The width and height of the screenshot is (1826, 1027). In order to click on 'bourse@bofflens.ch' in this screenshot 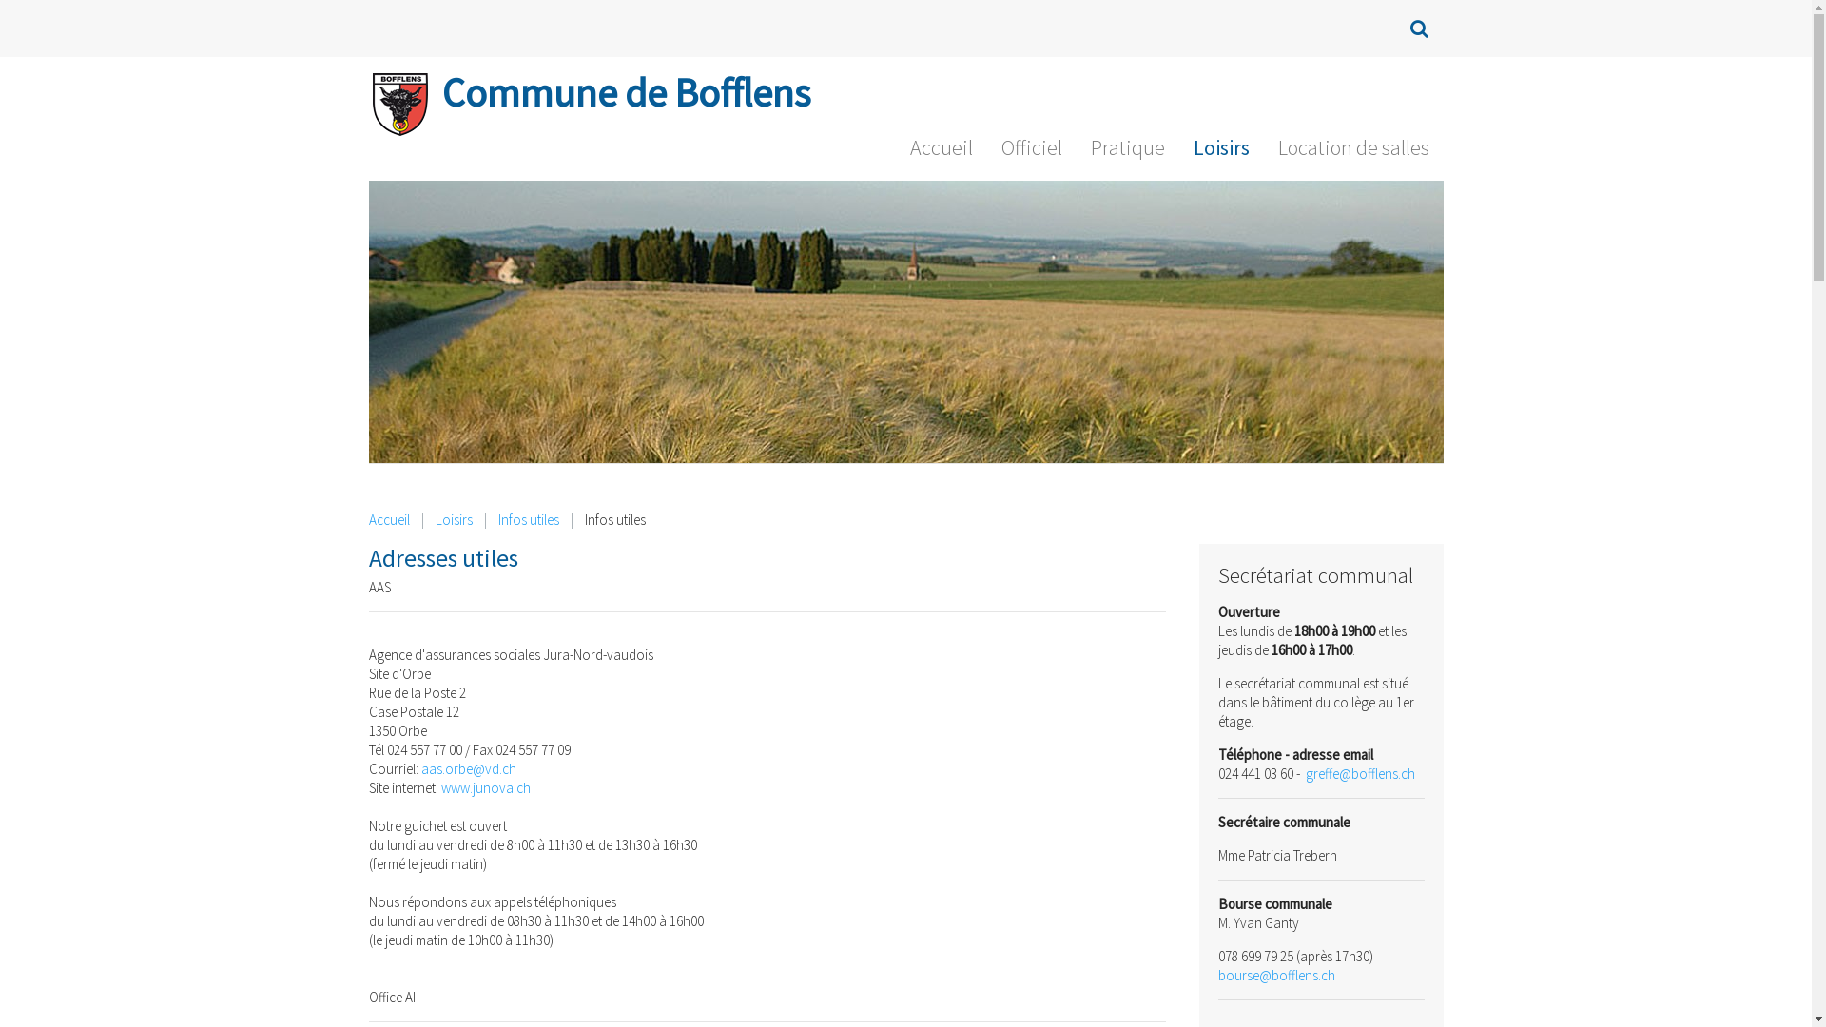, I will do `click(1276, 975)`.